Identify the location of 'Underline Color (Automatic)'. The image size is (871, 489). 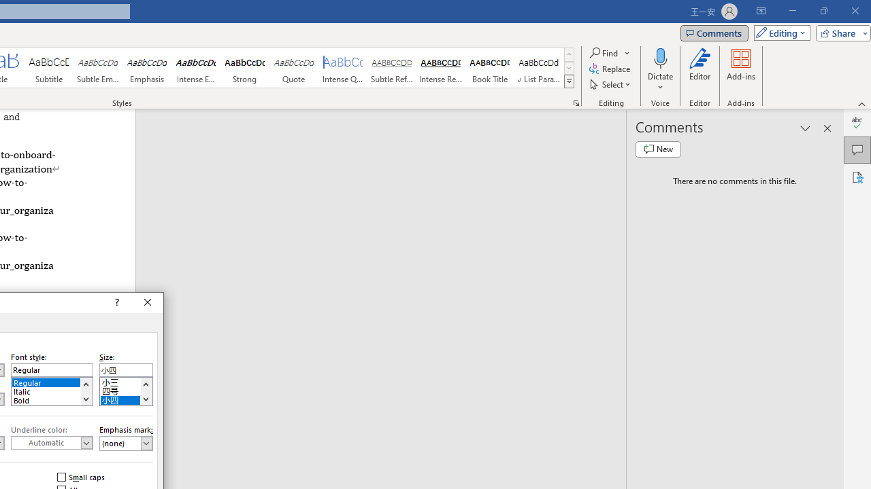
(52, 442).